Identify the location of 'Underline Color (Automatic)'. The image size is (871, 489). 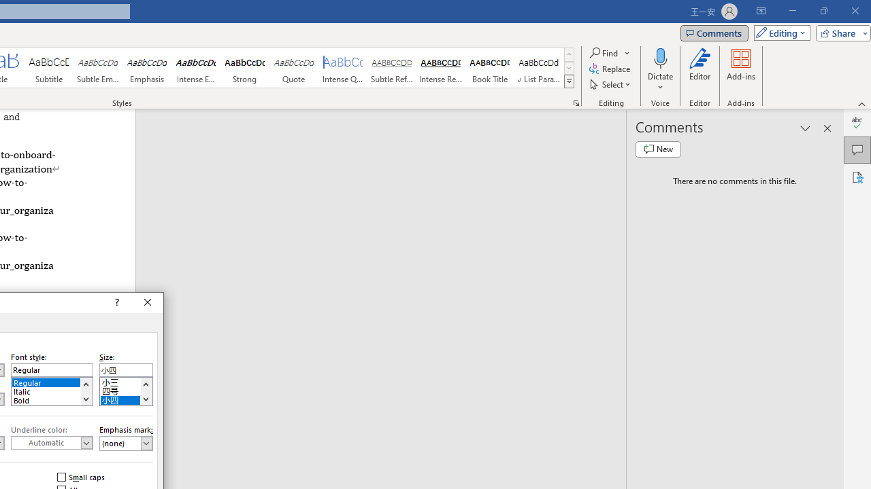
(52, 442).